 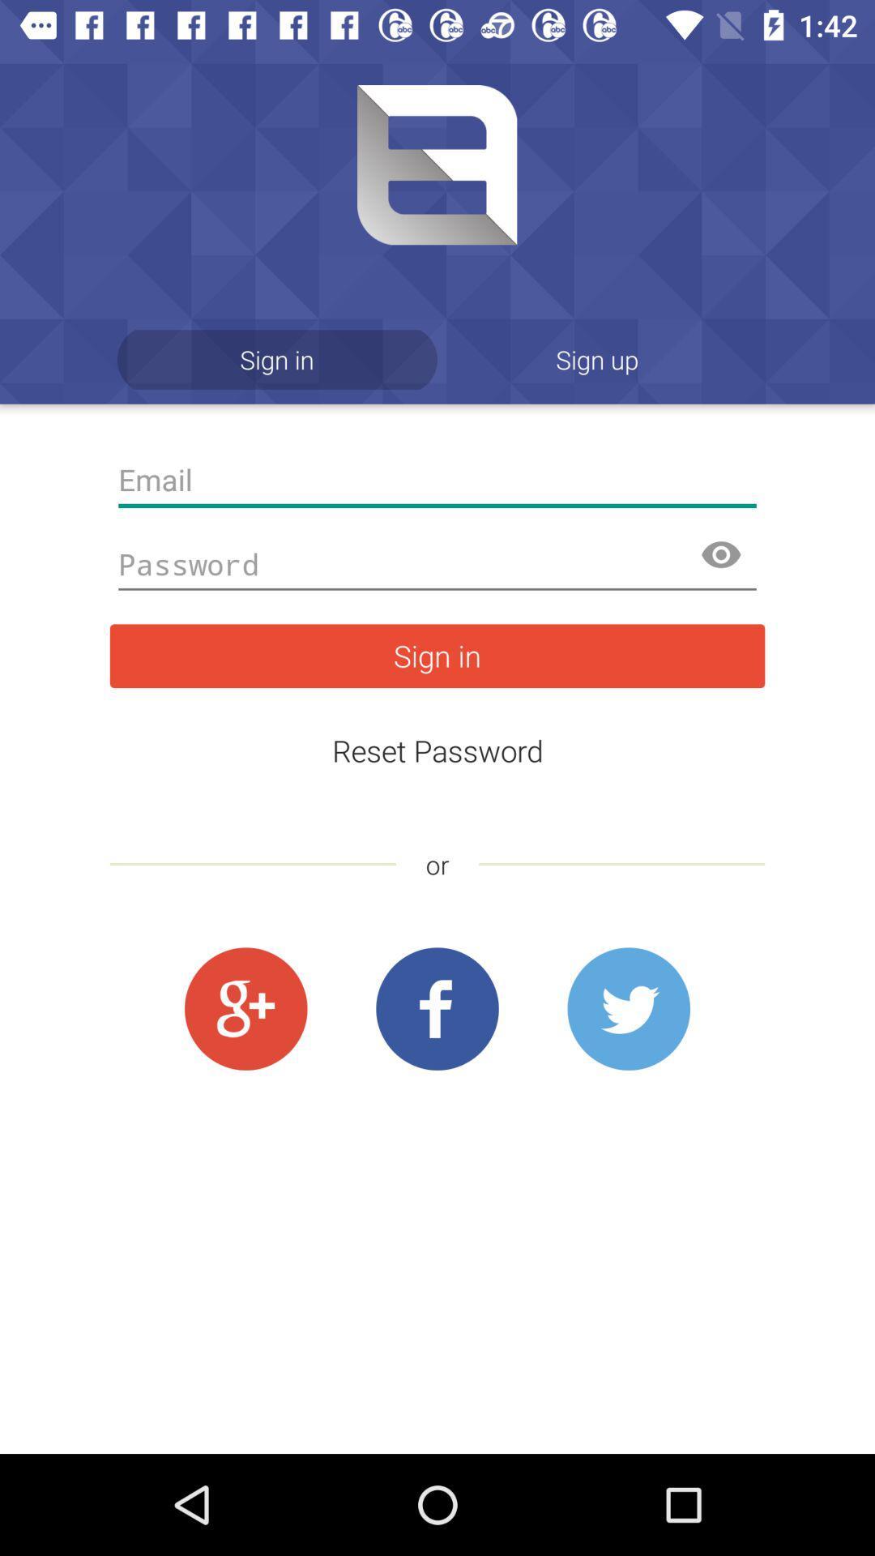 What do you see at coordinates (437, 750) in the screenshot?
I see `the icon above the or item` at bounding box center [437, 750].